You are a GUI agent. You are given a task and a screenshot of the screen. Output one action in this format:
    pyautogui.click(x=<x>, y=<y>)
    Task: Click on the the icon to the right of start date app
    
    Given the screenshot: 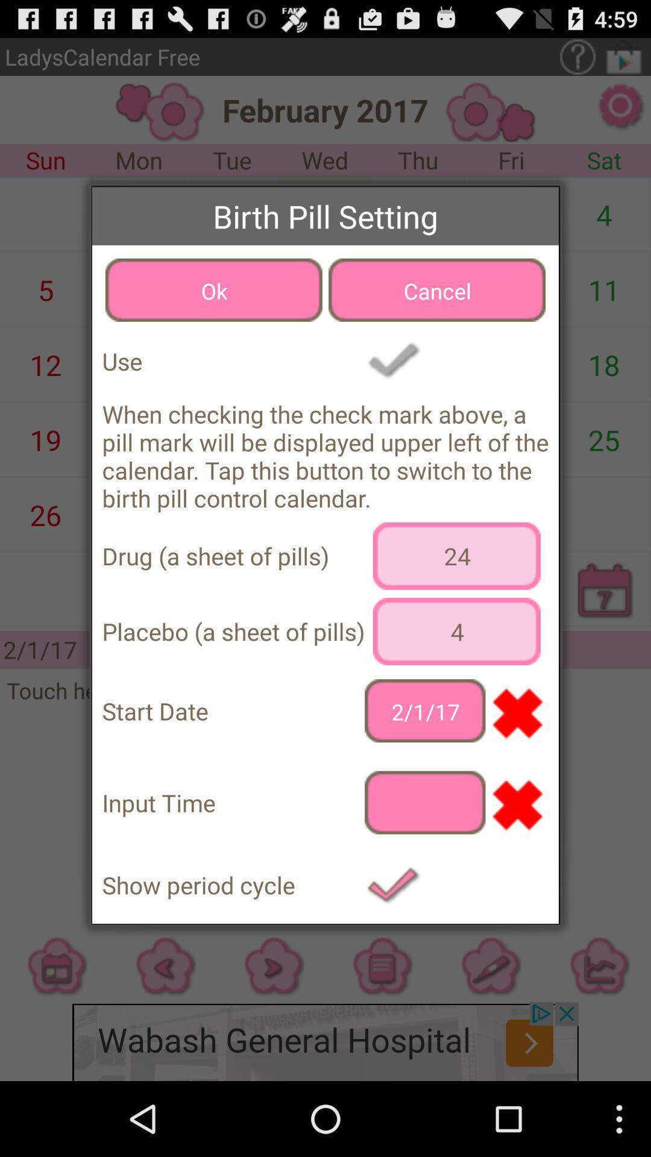 What is the action you would take?
    pyautogui.click(x=424, y=710)
    